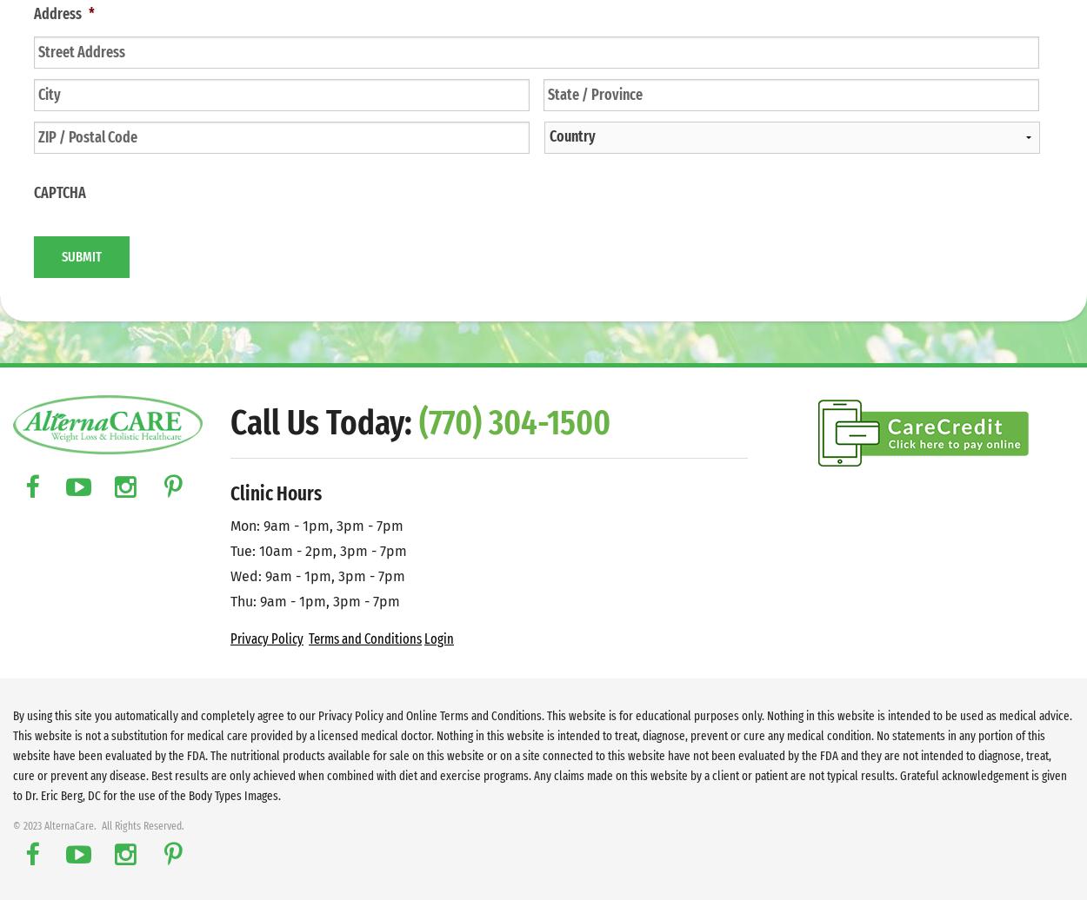  I want to click on 'Call Us Today:', so click(230, 423).